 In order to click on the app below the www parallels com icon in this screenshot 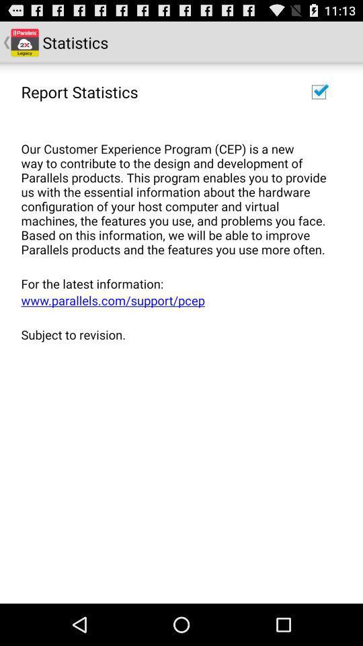, I will do `click(177, 334)`.